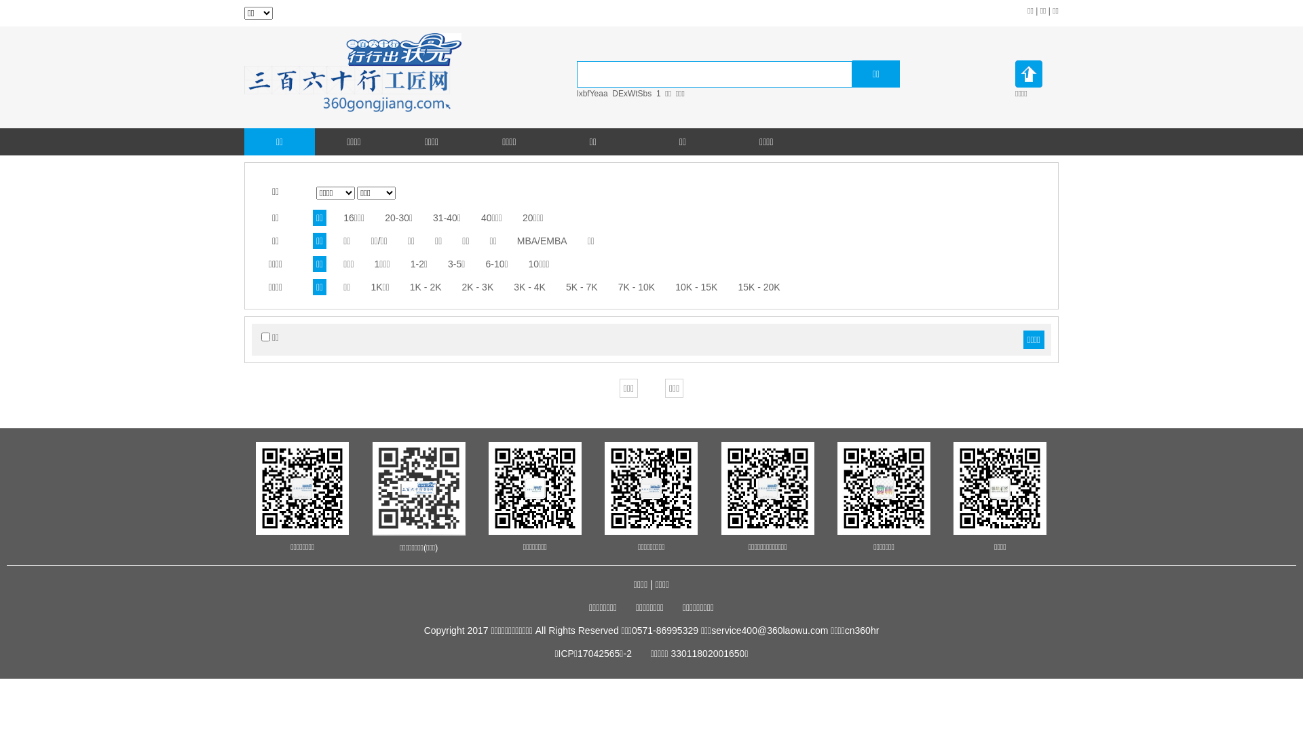  Describe the element at coordinates (425, 286) in the screenshot. I see `'1K - 2K'` at that location.